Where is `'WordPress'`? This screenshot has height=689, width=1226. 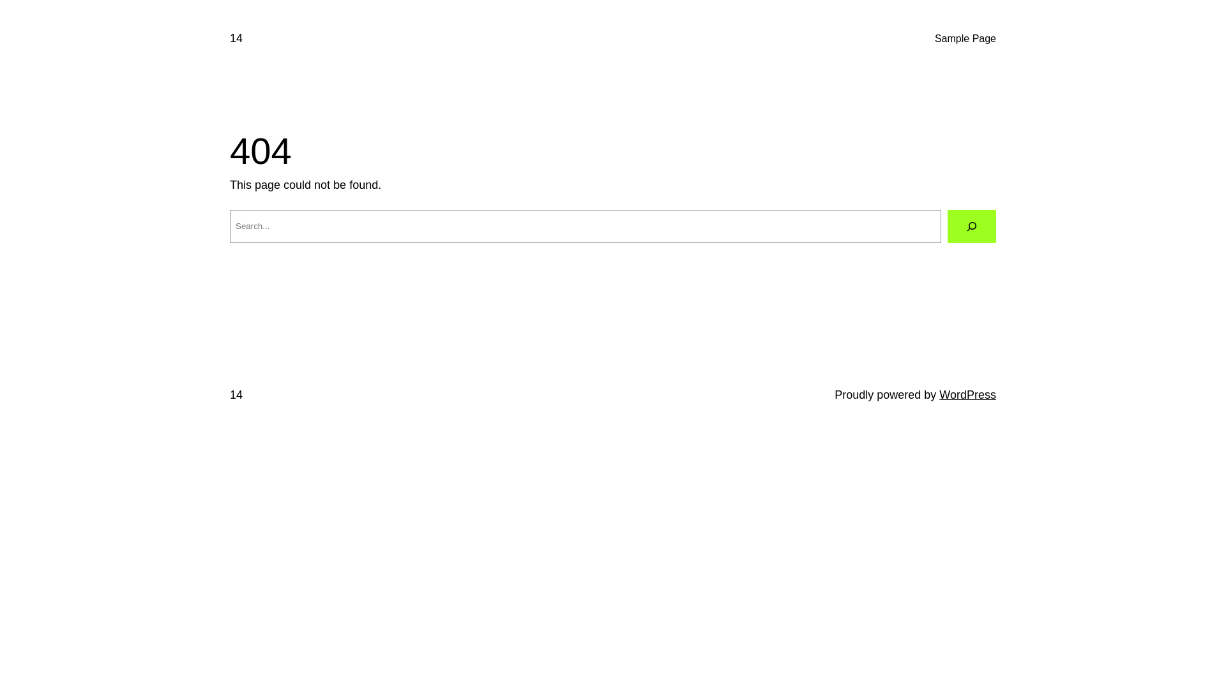
'WordPress' is located at coordinates (967, 394).